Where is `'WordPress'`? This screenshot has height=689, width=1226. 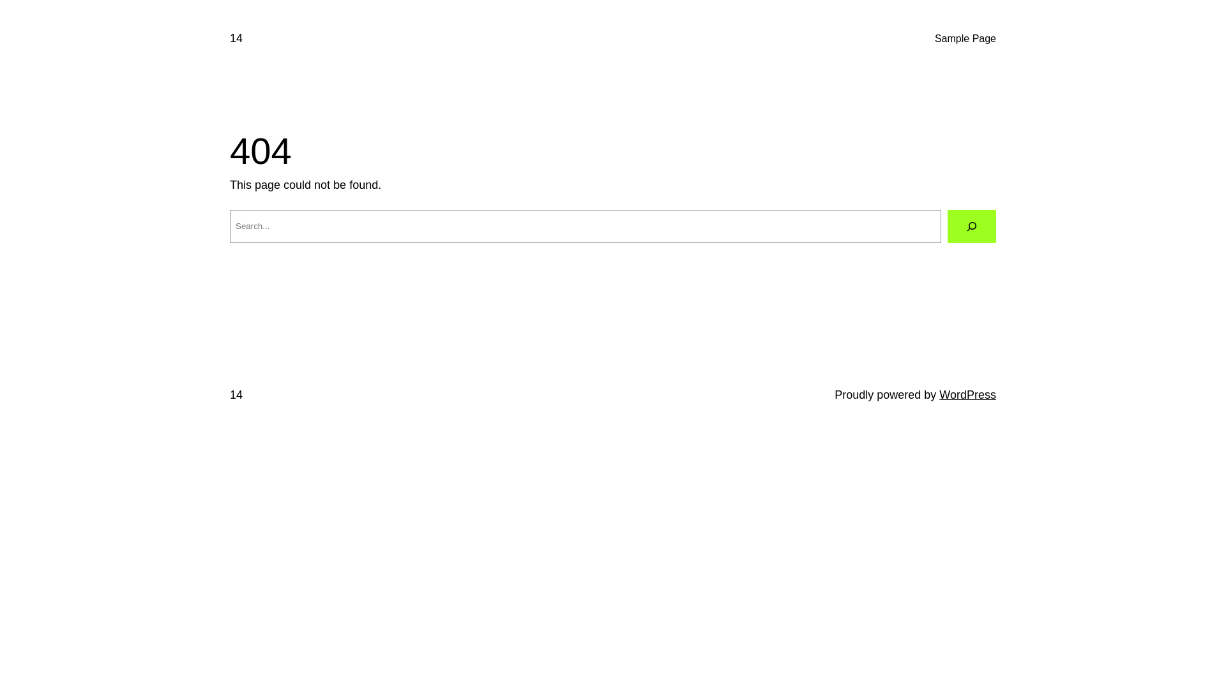
'WordPress' is located at coordinates (967, 394).